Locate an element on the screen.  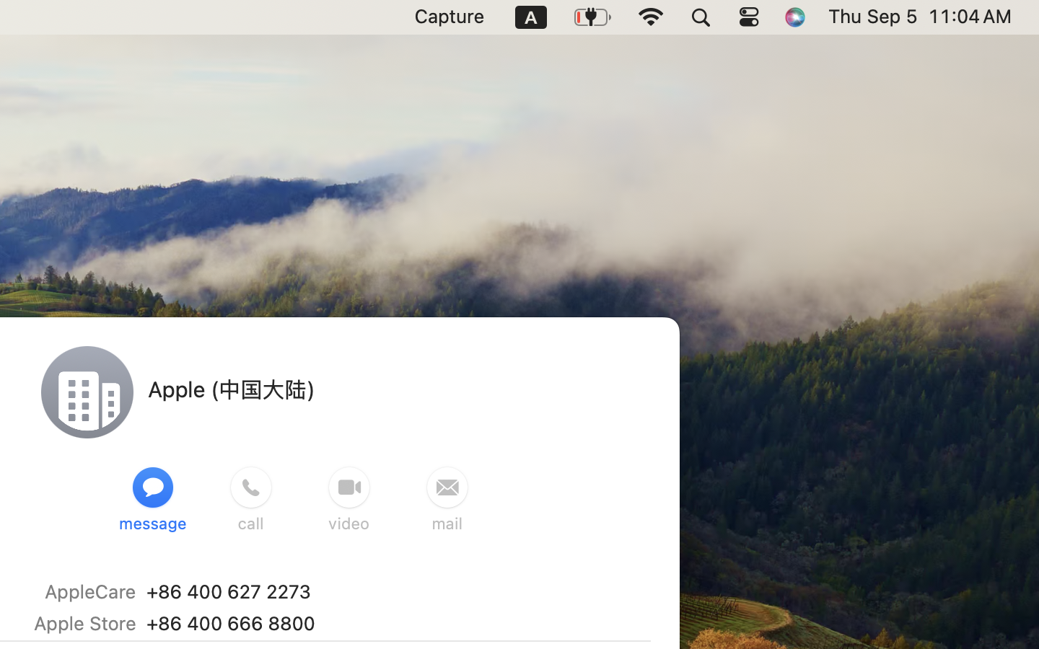
'AppleCare' is located at coordinates (89, 591).